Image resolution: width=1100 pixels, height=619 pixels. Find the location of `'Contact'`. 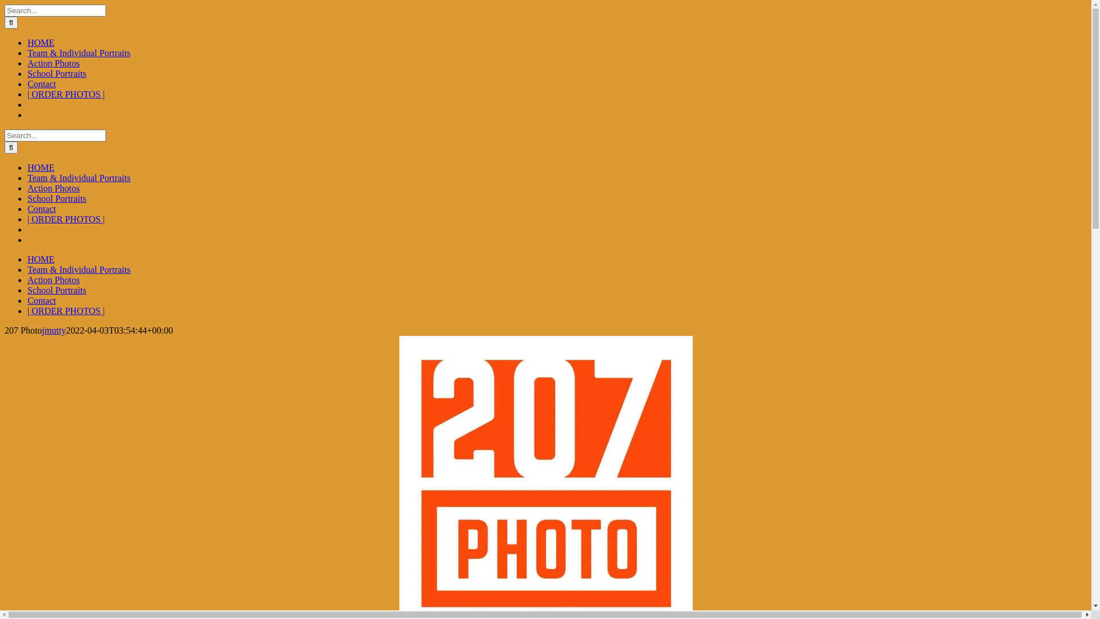

'Contact' is located at coordinates (41, 83).